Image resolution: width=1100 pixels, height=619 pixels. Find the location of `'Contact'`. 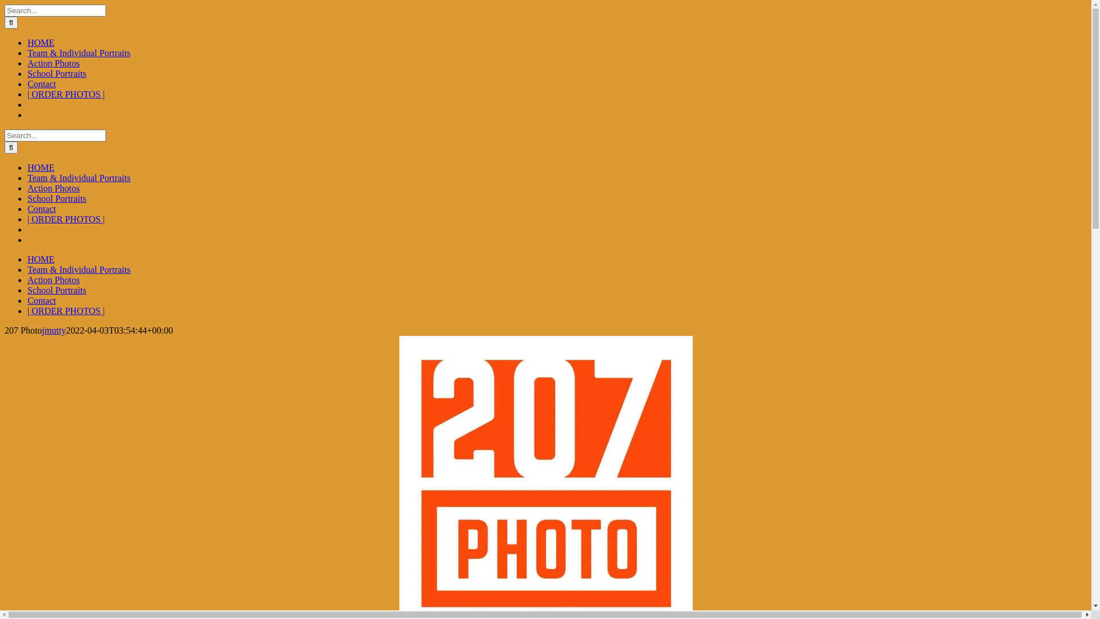

'Contact' is located at coordinates (41, 83).